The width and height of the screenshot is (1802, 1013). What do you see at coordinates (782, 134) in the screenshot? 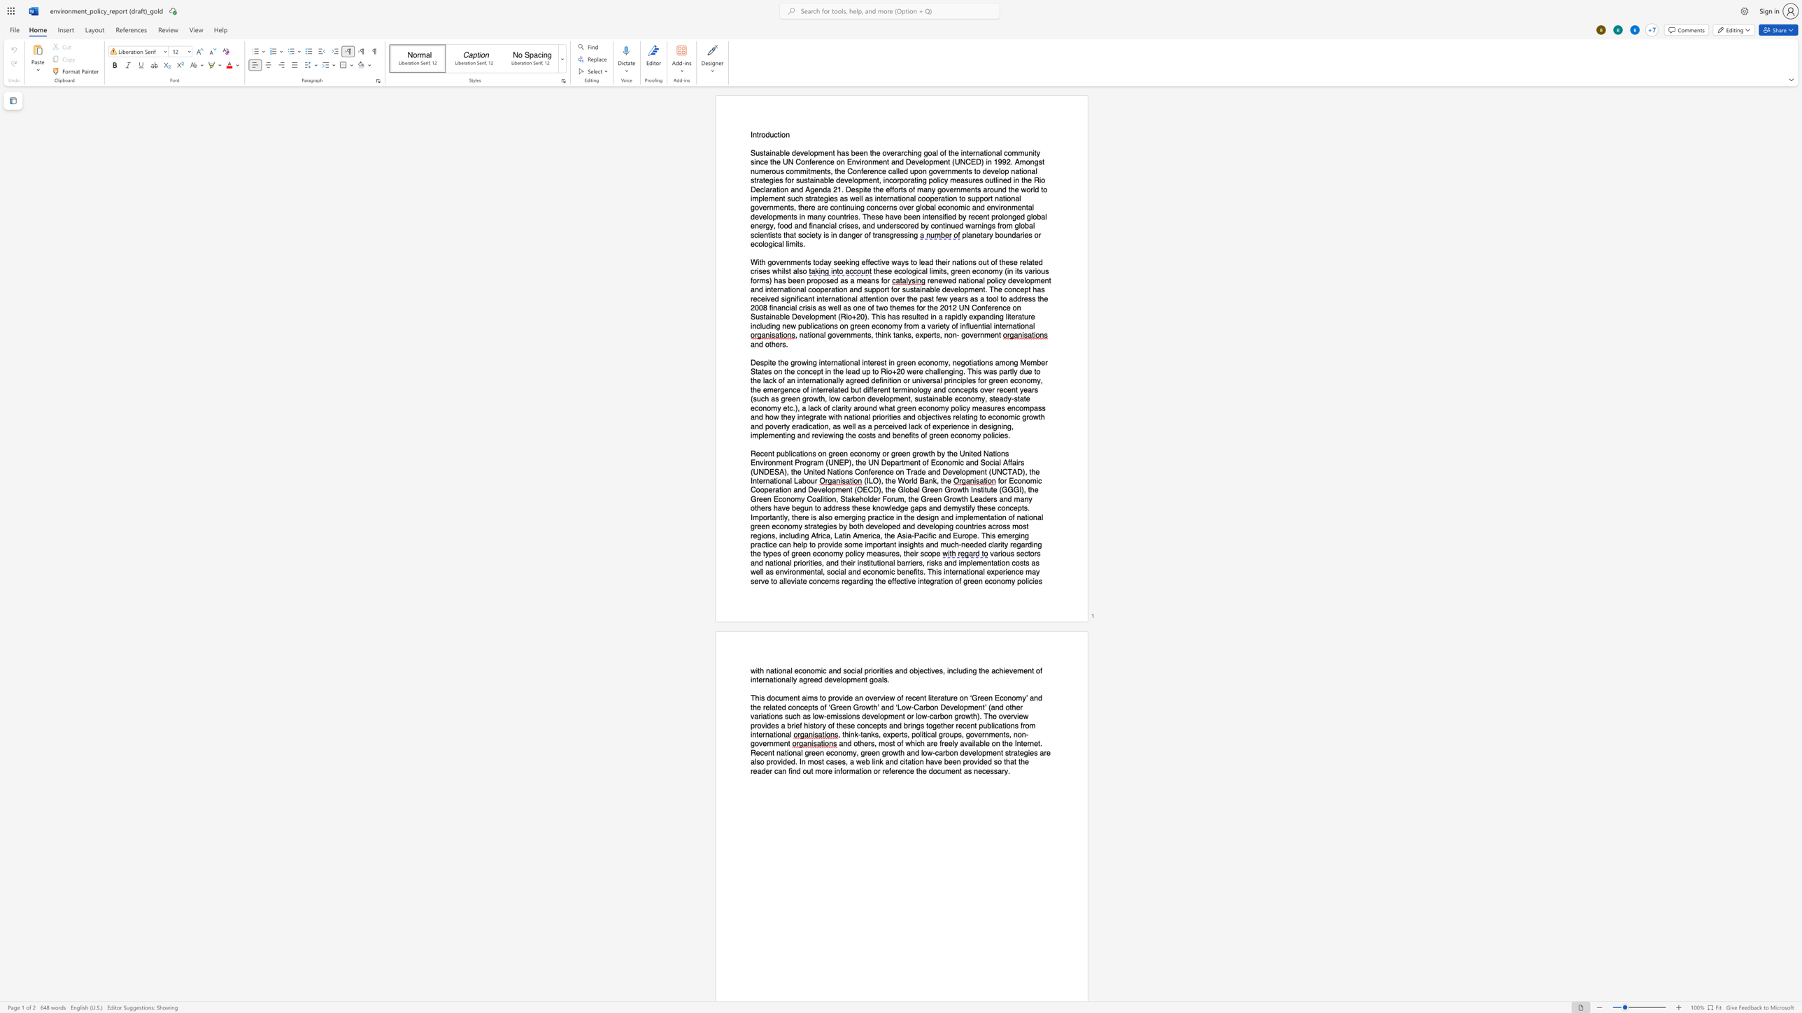
I see `the space between the continuous character "i" and "o" in the text` at bounding box center [782, 134].